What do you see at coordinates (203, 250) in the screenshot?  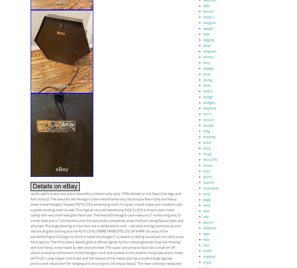 I see `'emilio'` at bounding box center [203, 250].